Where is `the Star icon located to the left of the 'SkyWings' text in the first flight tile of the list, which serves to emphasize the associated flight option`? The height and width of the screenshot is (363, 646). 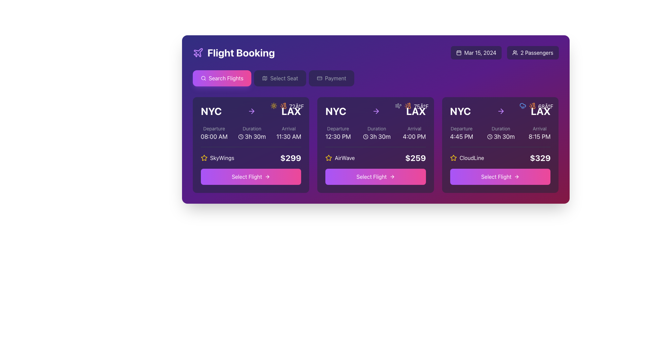
the Star icon located to the left of the 'SkyWings' text in the first flight tile of the list, which serves to emphasize the associated flight option is located at coordinates (204, 158).